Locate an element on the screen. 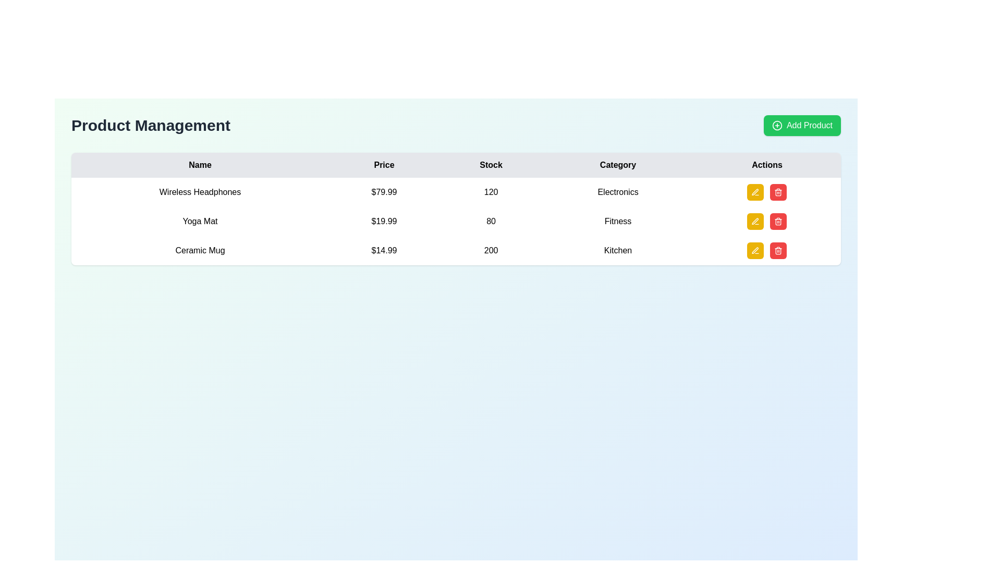 The image size is (1001, 563). the delete button with a trash icon located in the 'Actions' column for the 'Ceramic Mug' product entry is located at coordinates (778, 192).